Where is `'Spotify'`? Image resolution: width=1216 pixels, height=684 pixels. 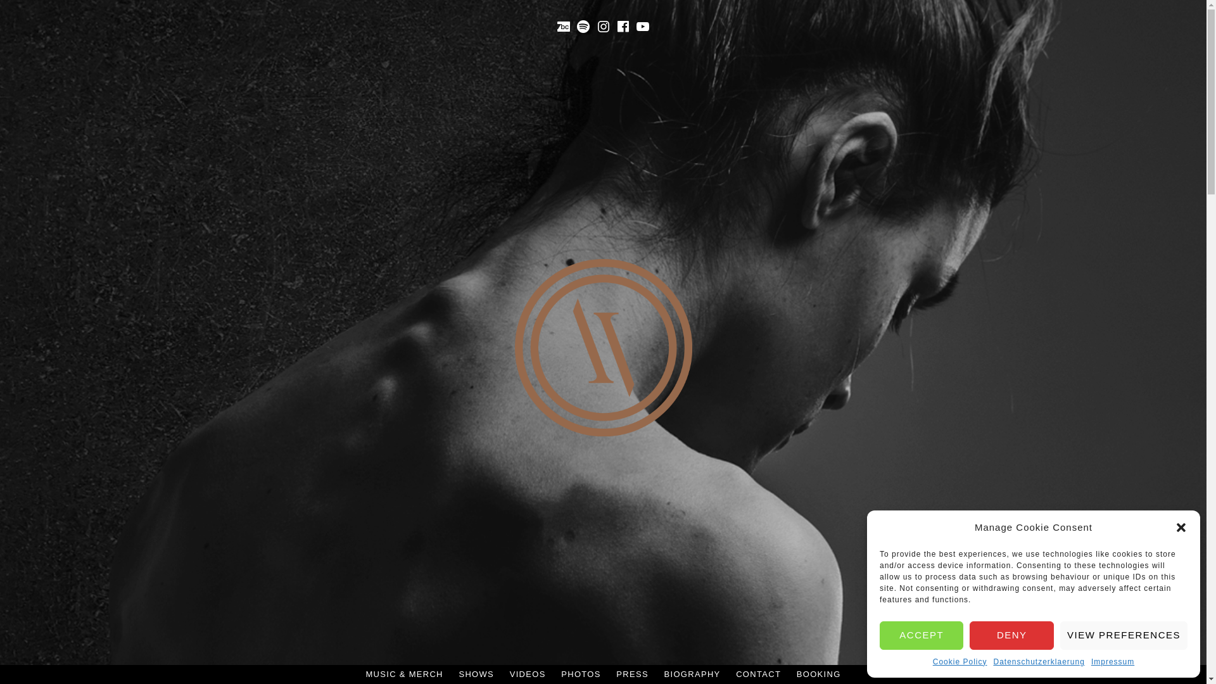 'Spotify' is located at coordinates (583, 27).